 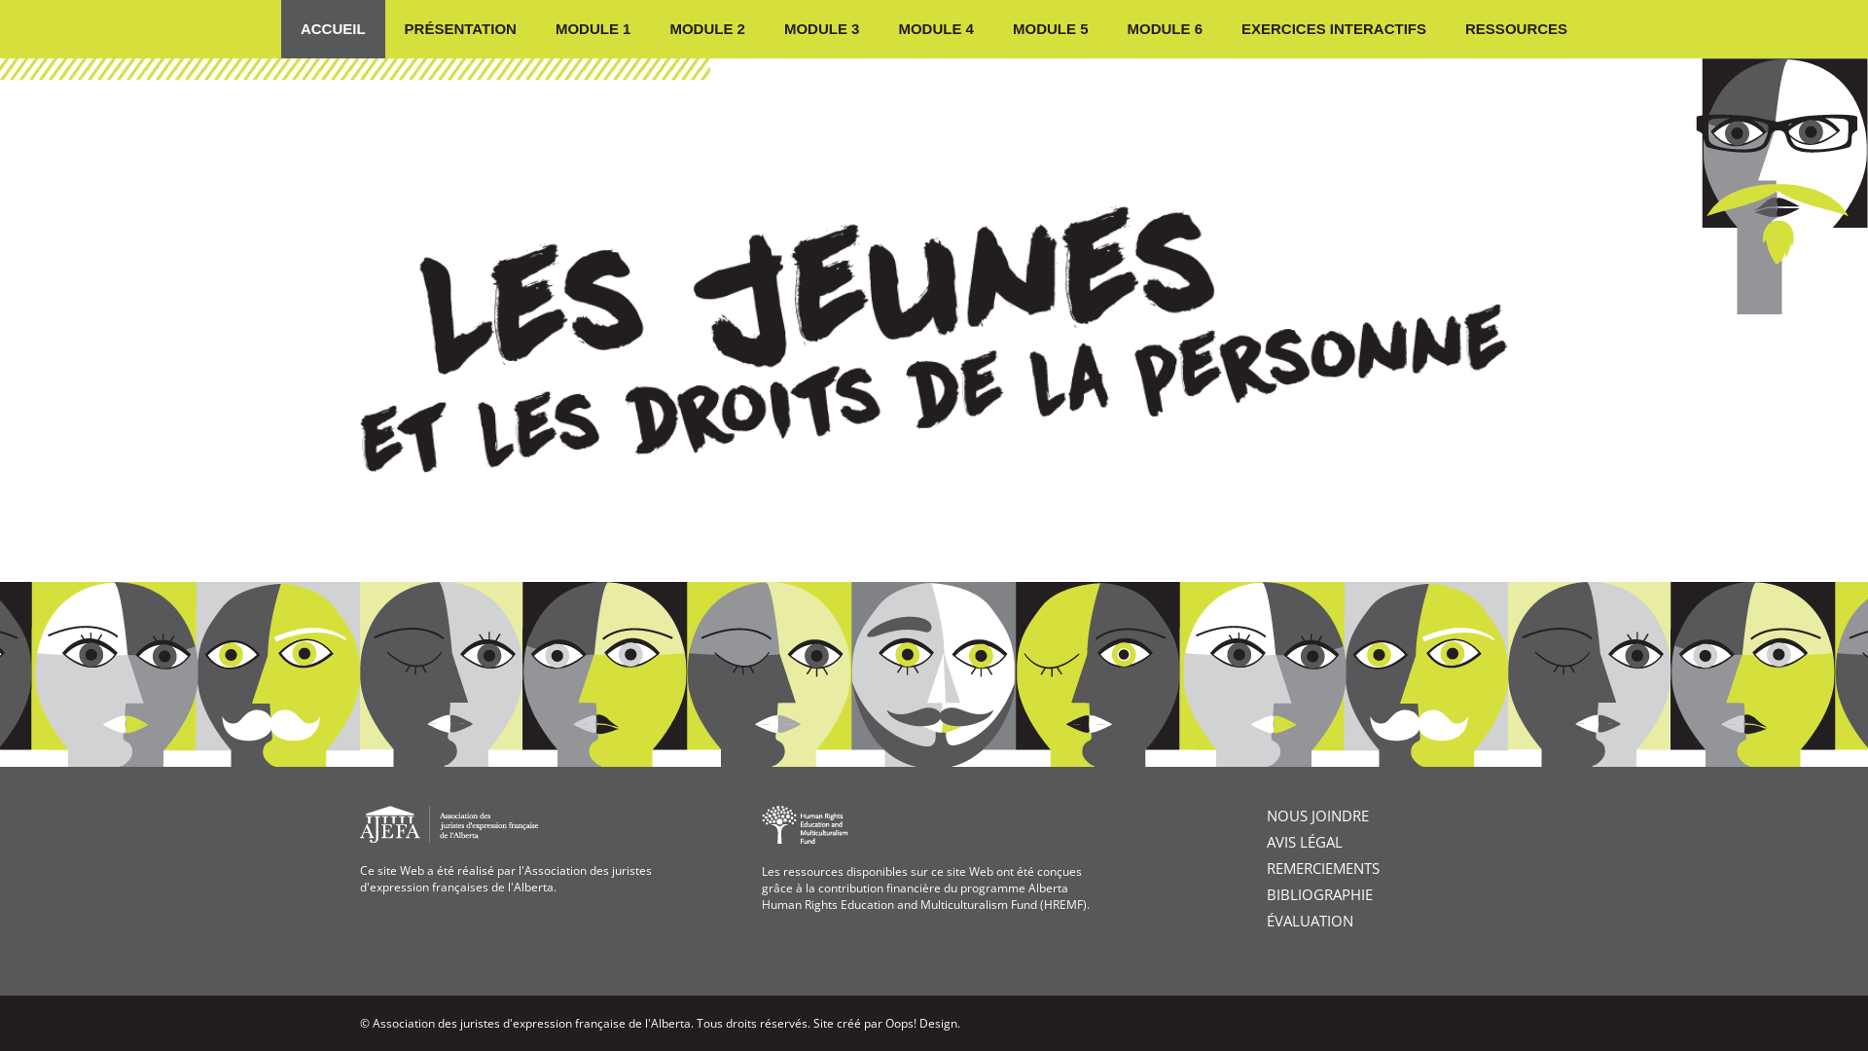 I want to click on 'MODULE 3', so click(x=821, y=29).